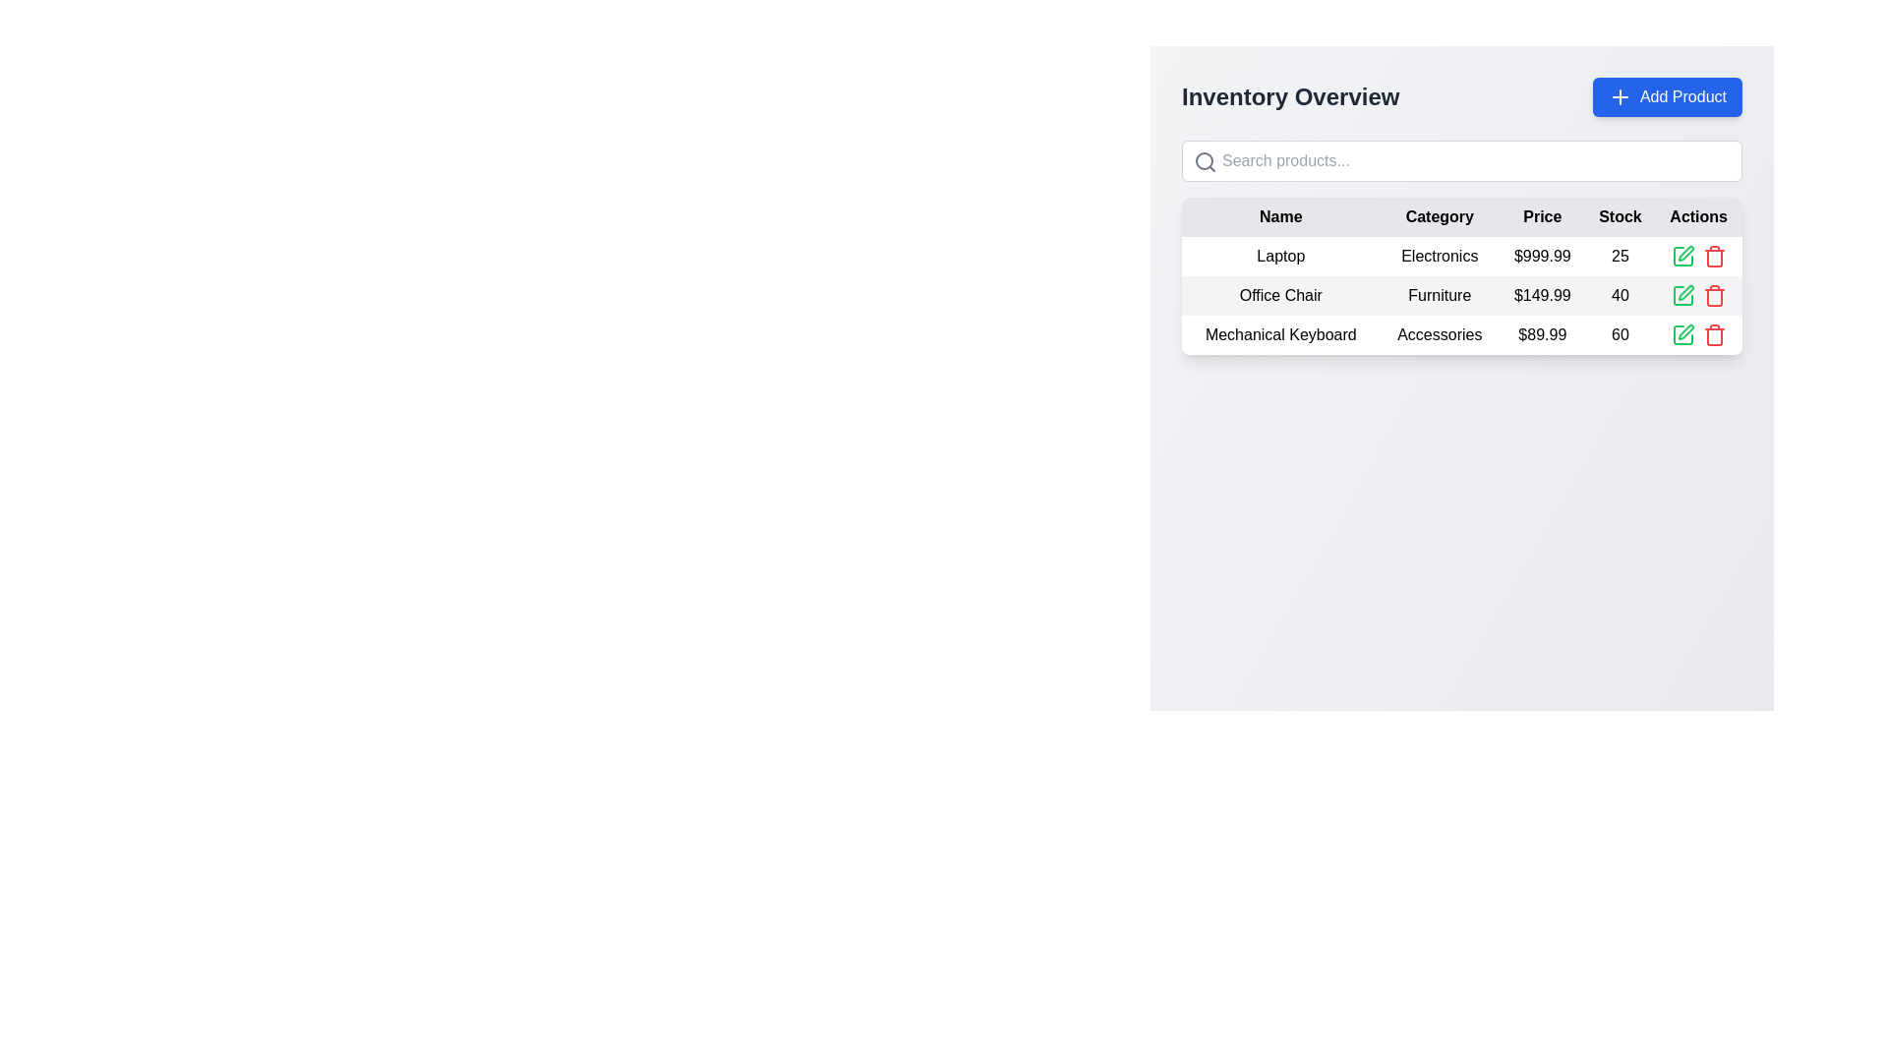 This screenshot has height=1062, width=1888. Describe the element at coordinates (1681, 256) in the screenshot. I see `the edit button located in the 'Actions' column of the first row of the table under the 'Inventory Overview' section` at that location.